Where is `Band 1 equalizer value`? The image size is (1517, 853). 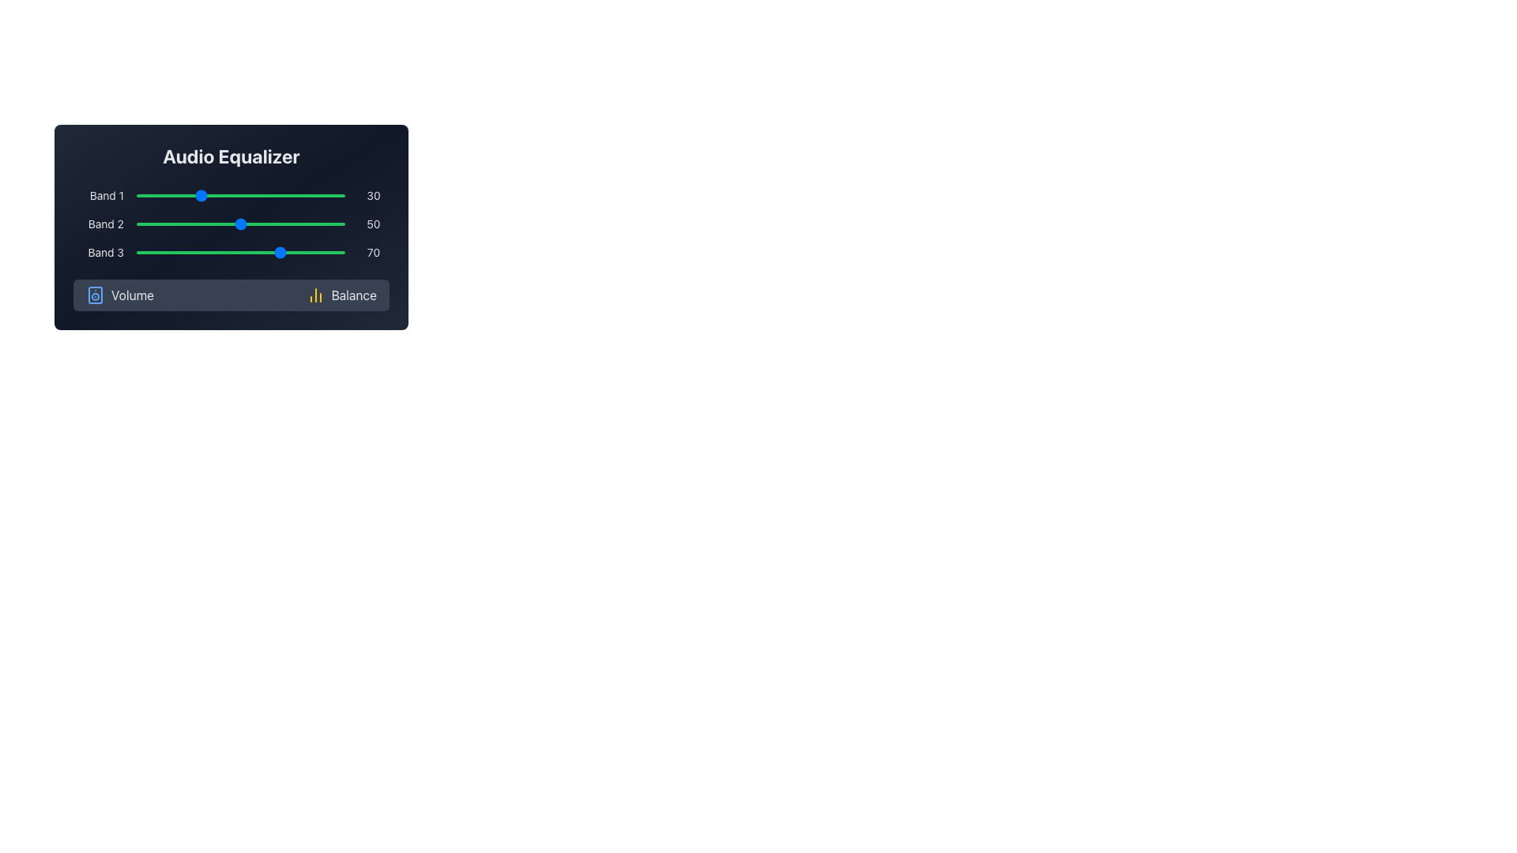 Band 1 equalizer value is located at coordinates (183, 194).